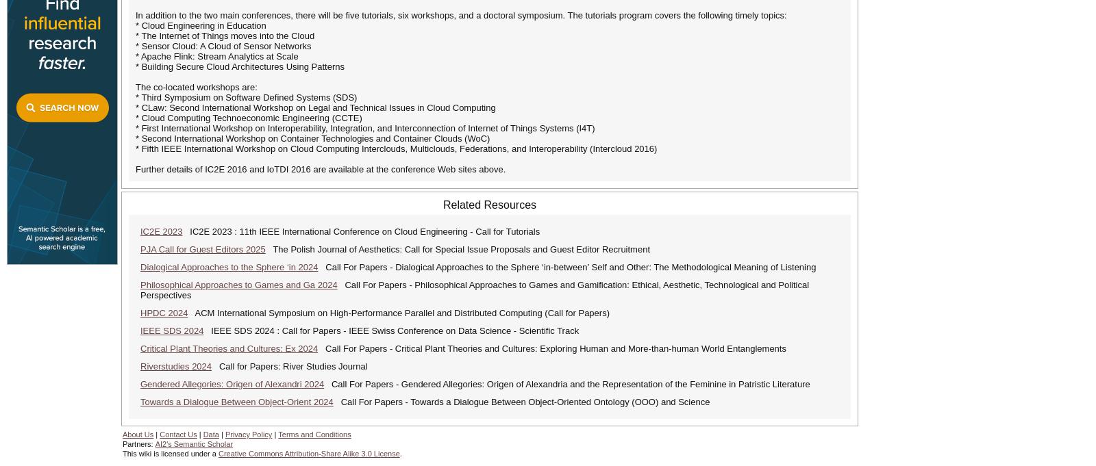  Describe the element at coordinates (134, 25) in the screenshot. I see `'* Cloud Engineering in Education'` at that location.